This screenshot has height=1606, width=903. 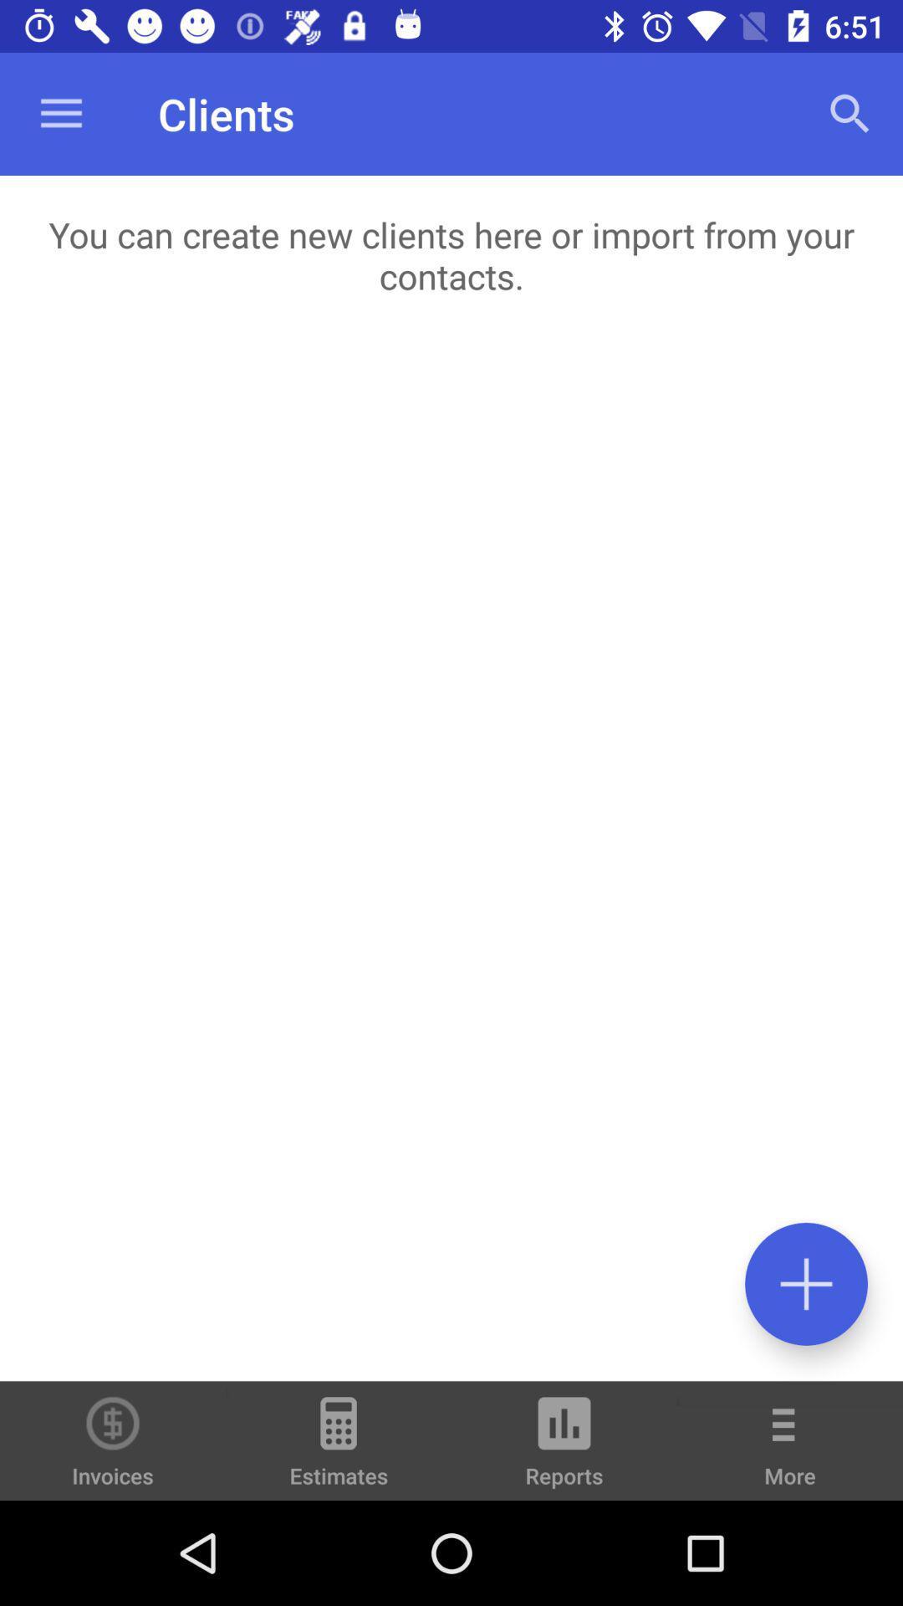 What do you see at coordinates (805, 1283) in the screenshot?
I see `make a new file` at bounding box center [805, 1283].